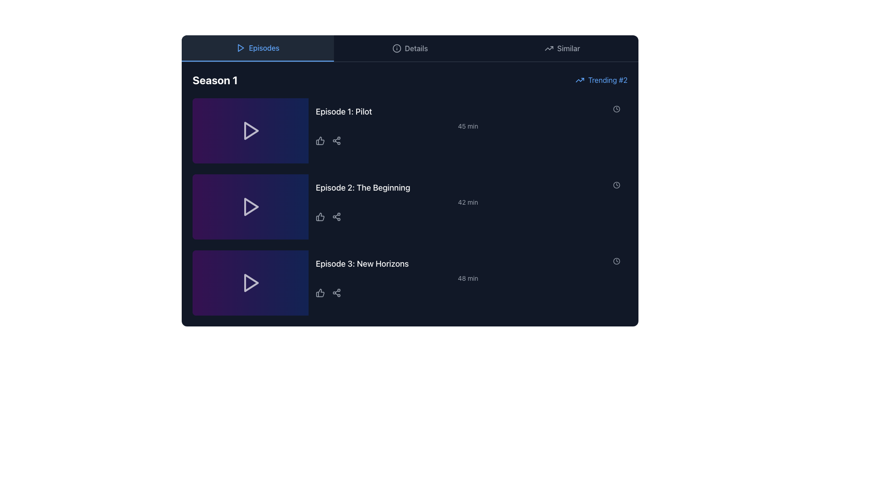  I want to click on the active 'Episodes' tab button, which has a dark gray background and blue text, so click(257, 48).